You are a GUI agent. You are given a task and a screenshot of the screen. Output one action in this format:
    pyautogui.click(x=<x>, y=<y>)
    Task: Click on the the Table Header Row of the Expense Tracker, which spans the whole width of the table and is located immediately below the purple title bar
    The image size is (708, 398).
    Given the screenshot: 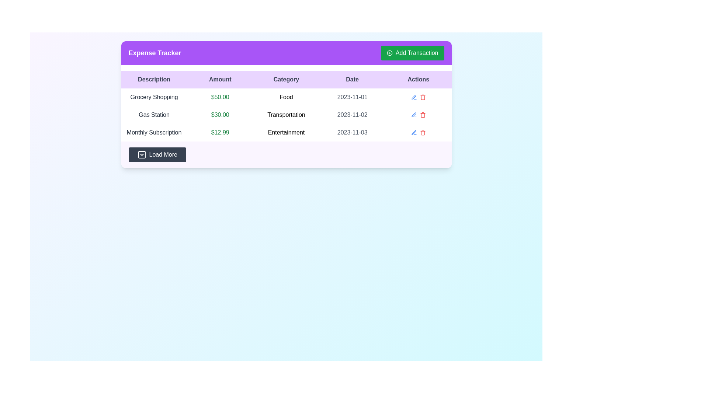 What is the action you would take?
    pyautogui.click(x=286, y=80)
    